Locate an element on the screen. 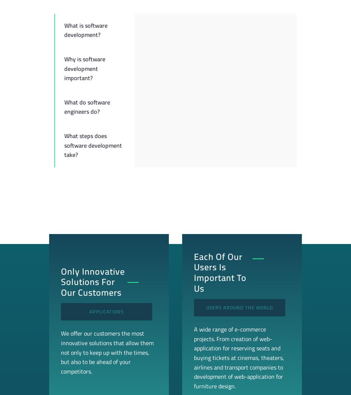 This screenshot has width=351, height=395. 'A wide range of e-commerce projects. From creation of web-application for reserving seats and buying tickets at cinemas, theaters, airlines and transport companies to development of web-application for furniture design.' is located at coordinates (239, 357).